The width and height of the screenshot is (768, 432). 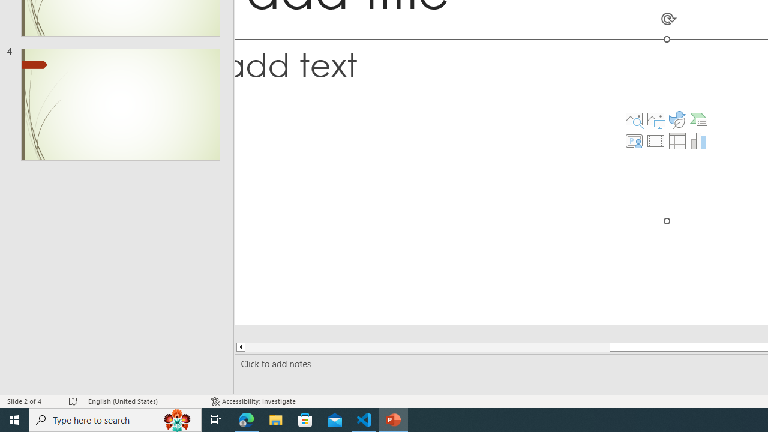 What do you see at coordinates (633, 119) in the screenshot?
I see `'Stock Images'` at bounding box center [633, 119].